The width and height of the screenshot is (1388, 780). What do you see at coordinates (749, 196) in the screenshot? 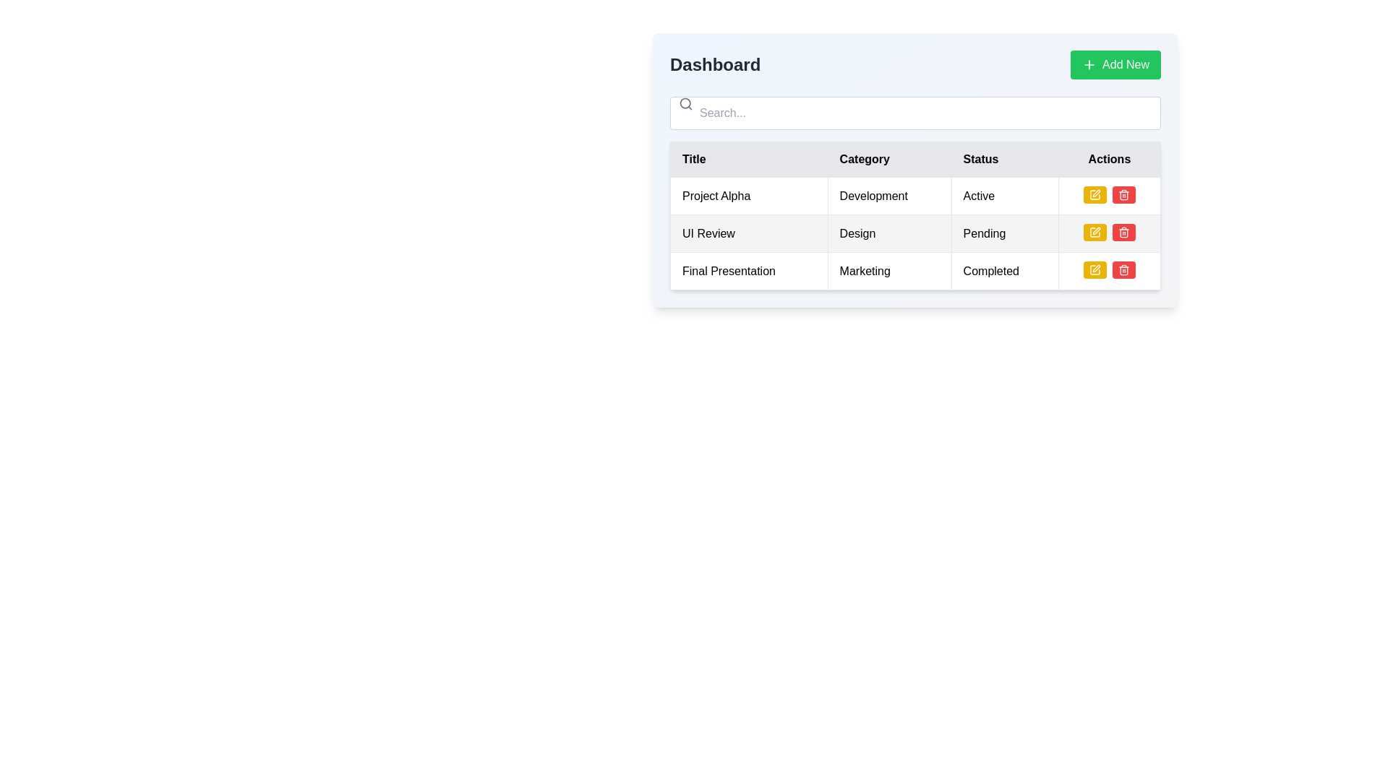
I see `the text label 'Project Alpha' located in the topmost row of the table under the 'Title' column` at bounding box center [749, 196].